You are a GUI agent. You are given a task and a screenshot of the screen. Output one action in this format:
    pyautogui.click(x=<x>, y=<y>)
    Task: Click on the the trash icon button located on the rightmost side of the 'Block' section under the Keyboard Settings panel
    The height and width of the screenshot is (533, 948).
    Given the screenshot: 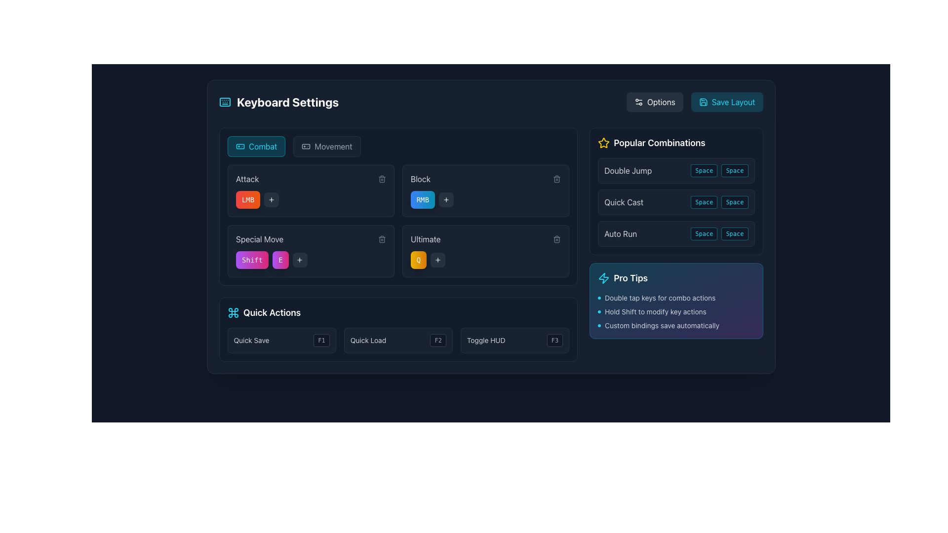 What is the action you would take?
    pyautogui.click(x=557, y=179)
    